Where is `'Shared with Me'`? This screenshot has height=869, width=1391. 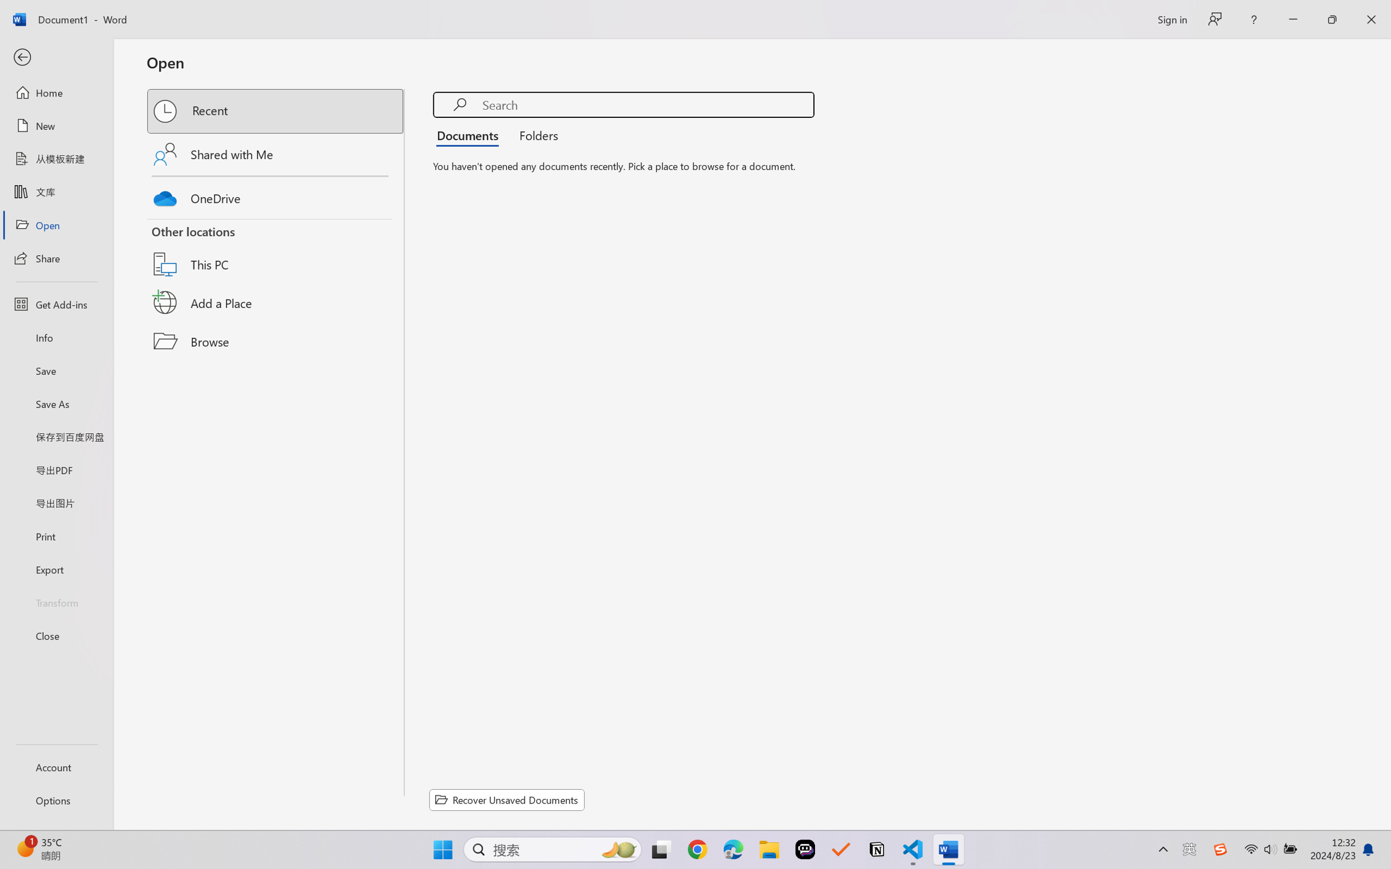 'Shared with Me' is located at coordinates (276, 153).